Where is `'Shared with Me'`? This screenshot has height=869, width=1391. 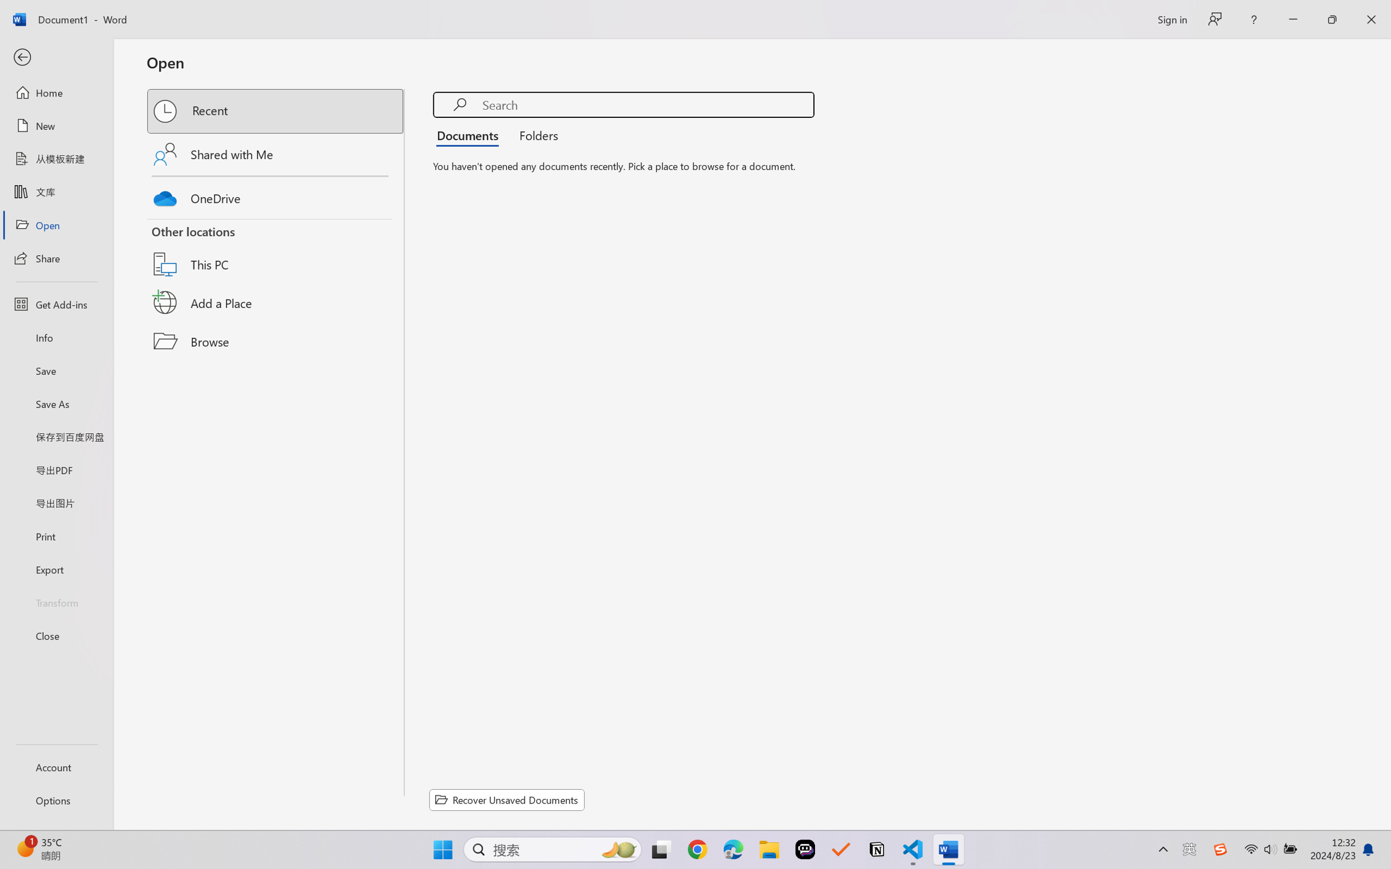 'Shared with Me' is located at coordinates (276, 153).